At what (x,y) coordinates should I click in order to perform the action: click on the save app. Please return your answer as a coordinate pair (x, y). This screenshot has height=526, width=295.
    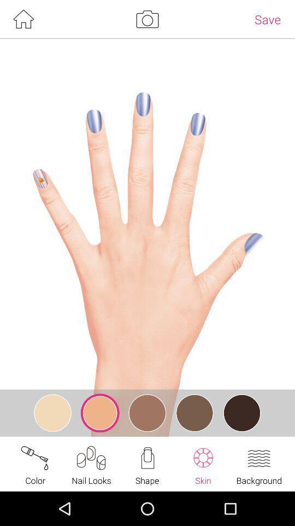
    Looking at the image, I should click on (267, 19).